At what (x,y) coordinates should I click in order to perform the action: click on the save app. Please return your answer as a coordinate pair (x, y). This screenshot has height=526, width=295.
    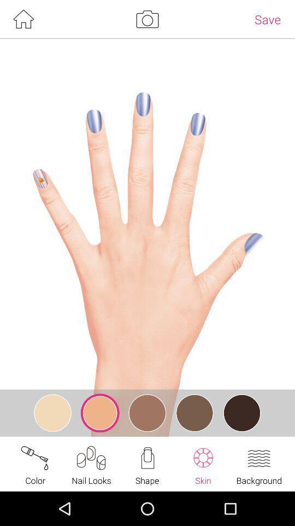
    Looking at the image, I should click on (267, 19).